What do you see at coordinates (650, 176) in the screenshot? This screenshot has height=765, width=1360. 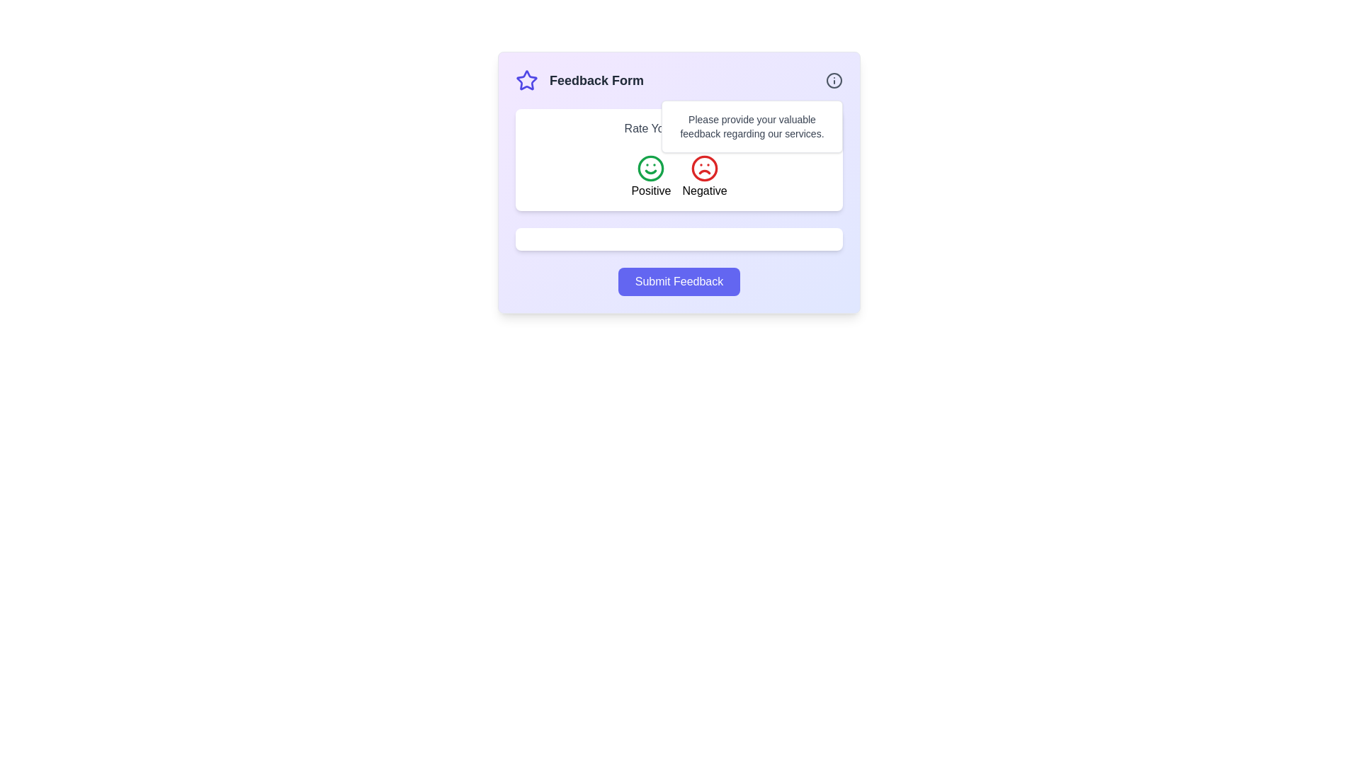 I see `the positive feedback button located in the feedback form interface` at bounding box center [650, 176].